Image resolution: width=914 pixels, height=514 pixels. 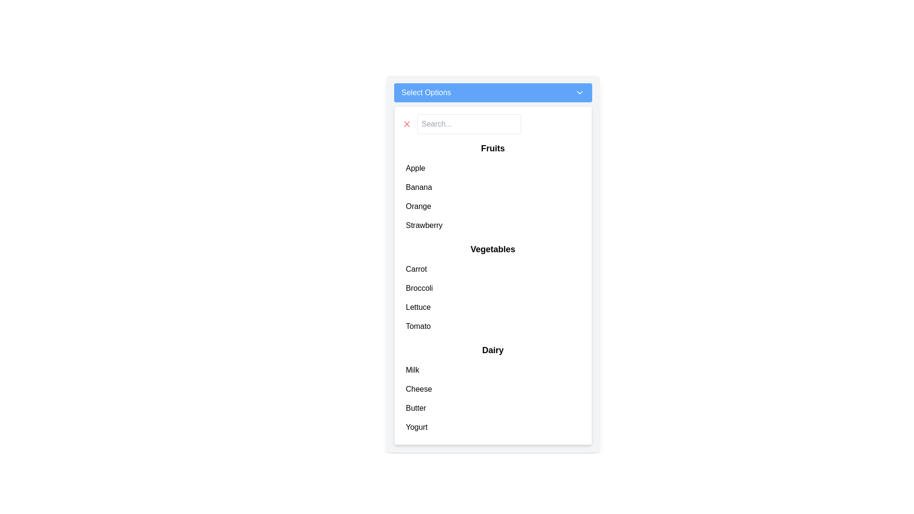 What do you see at coordinates (493, 226) in the screenshot?
I see `the list item labeled 'Strawberry'` at bounding box center [493, 226].